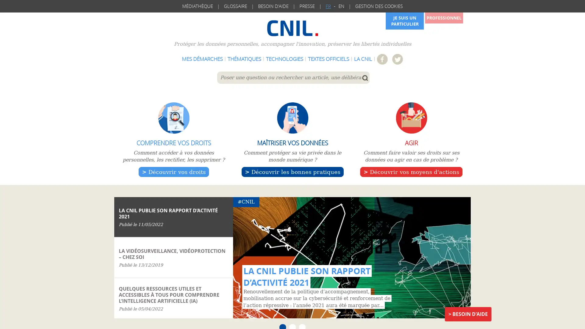 The width and height of the screenshot is (585, 329). Describe the element at coordinates (173, 217) in the screenshot. I see `CNIL LA CNIL PUBLIE SON RAPPORT DACTIVITE 2021 Publie le 11/05/2022` at that location.